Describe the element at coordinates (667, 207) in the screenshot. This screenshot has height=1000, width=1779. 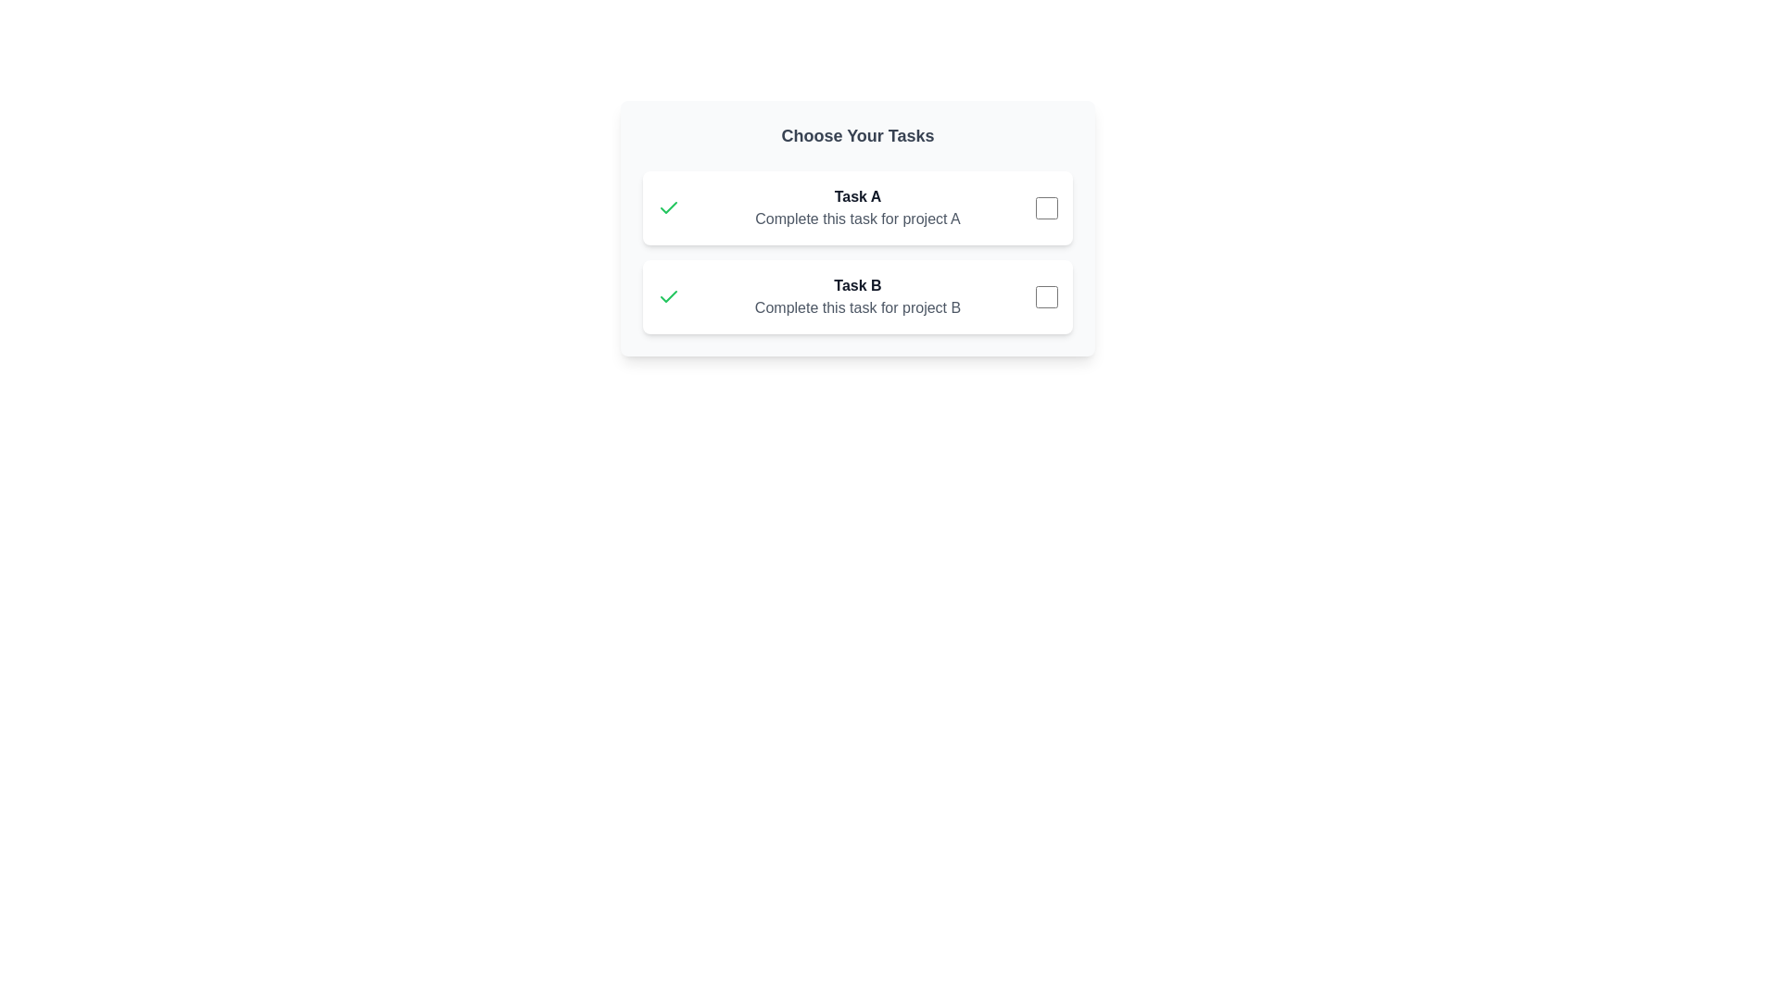
I see `the completion status icon for 'Task B', which is the first icon aligned to the left of the task's text label` at that location.